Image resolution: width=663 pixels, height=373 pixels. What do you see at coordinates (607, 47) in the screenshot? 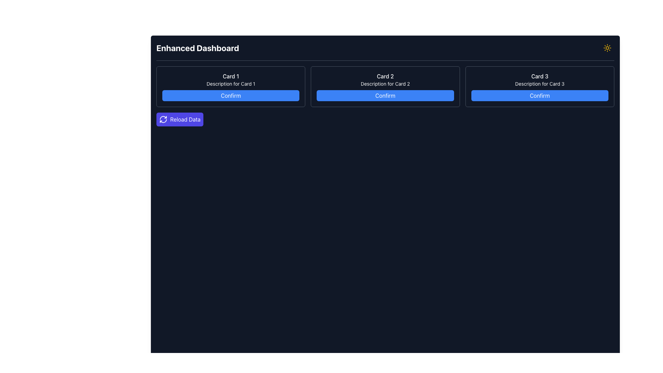
I see `the sun-shaped icon located in the top-right corner of the interface, which is styled in yellow and has distinct rays and a circular center` at bounding box center [607, 47].